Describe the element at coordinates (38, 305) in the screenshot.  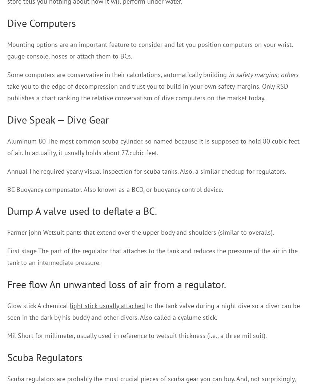
I see `'Glow stick A chemical'` at that location.